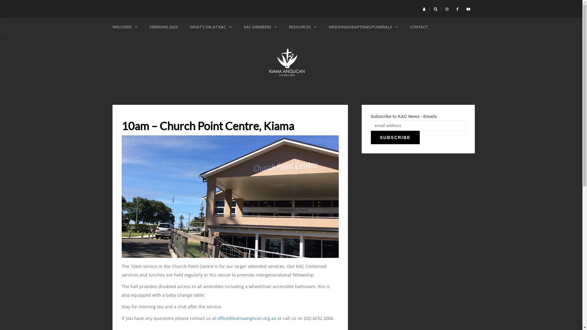 The width and height of the screenshot is (587, 330). What do you see at coordinates (260, 27) in the screenshot?
I see `'KAC MEMBERS'` at bounding box center [260, 27].